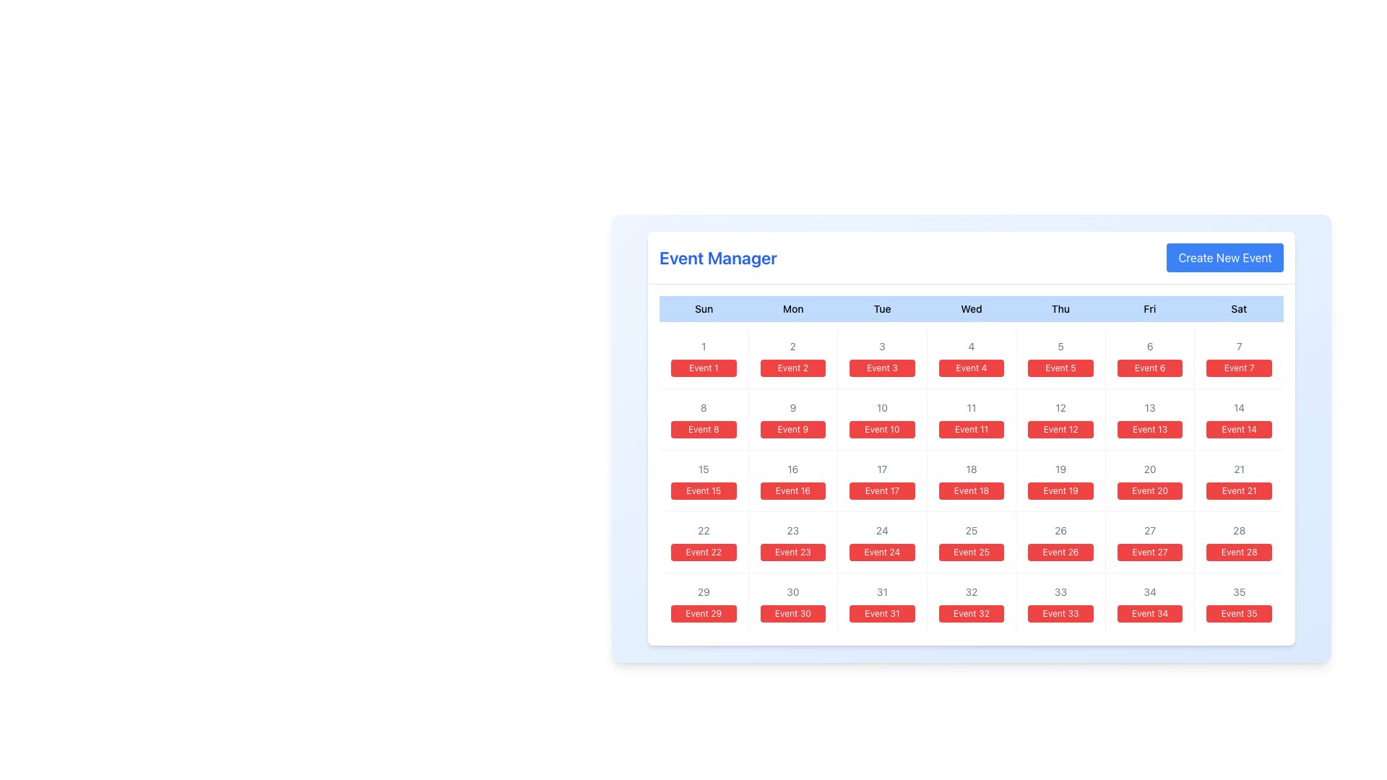 The height and width of the screenshot is (780, 1387). Describe the element at coordinates (971, 613) in the screenshot. I see `text displayed on the red rectangular button labeled 'Event 32', which is located in the last row and fifth column of the grid, below the label '32'` at that location.